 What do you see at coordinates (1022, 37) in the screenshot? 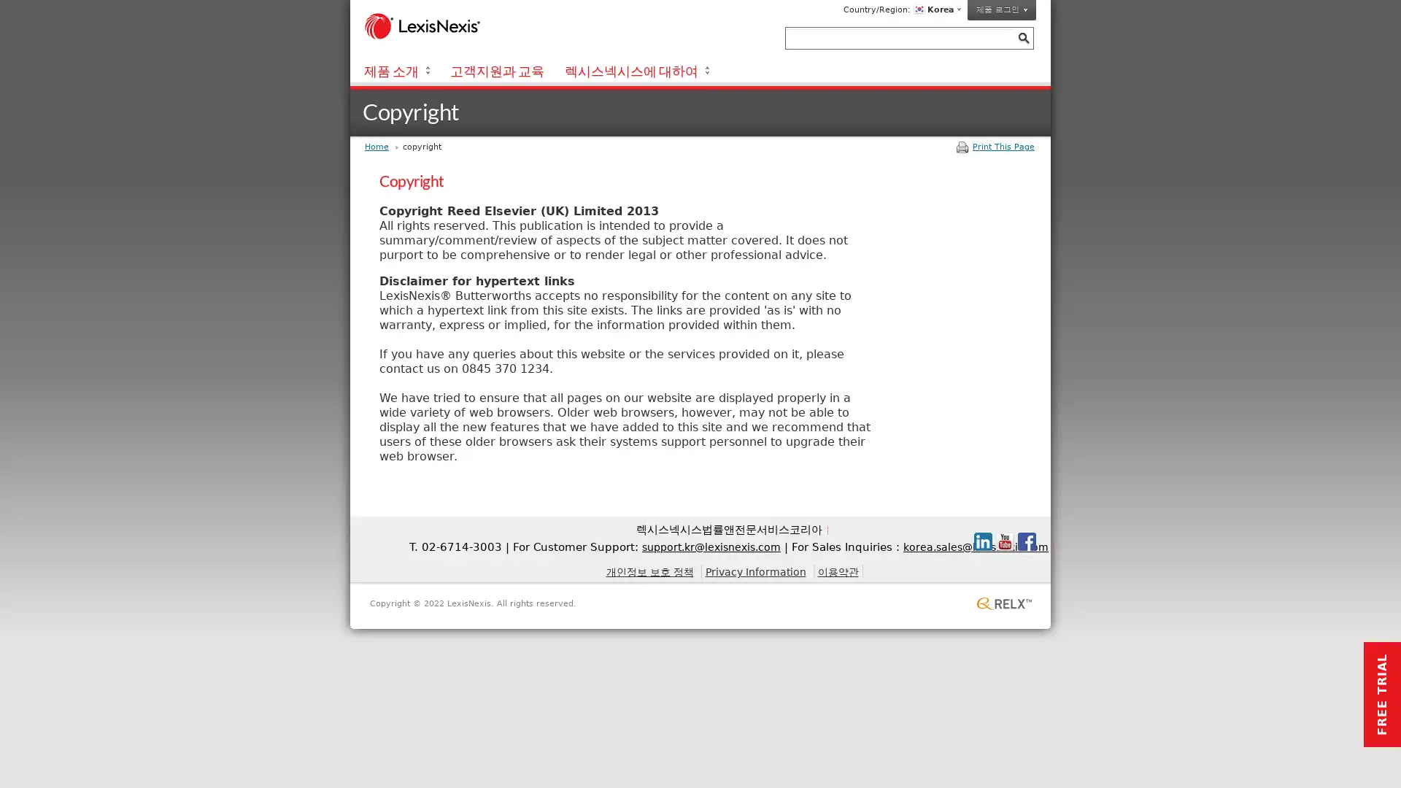
I see `Search` at bounding box center [1022, 37].